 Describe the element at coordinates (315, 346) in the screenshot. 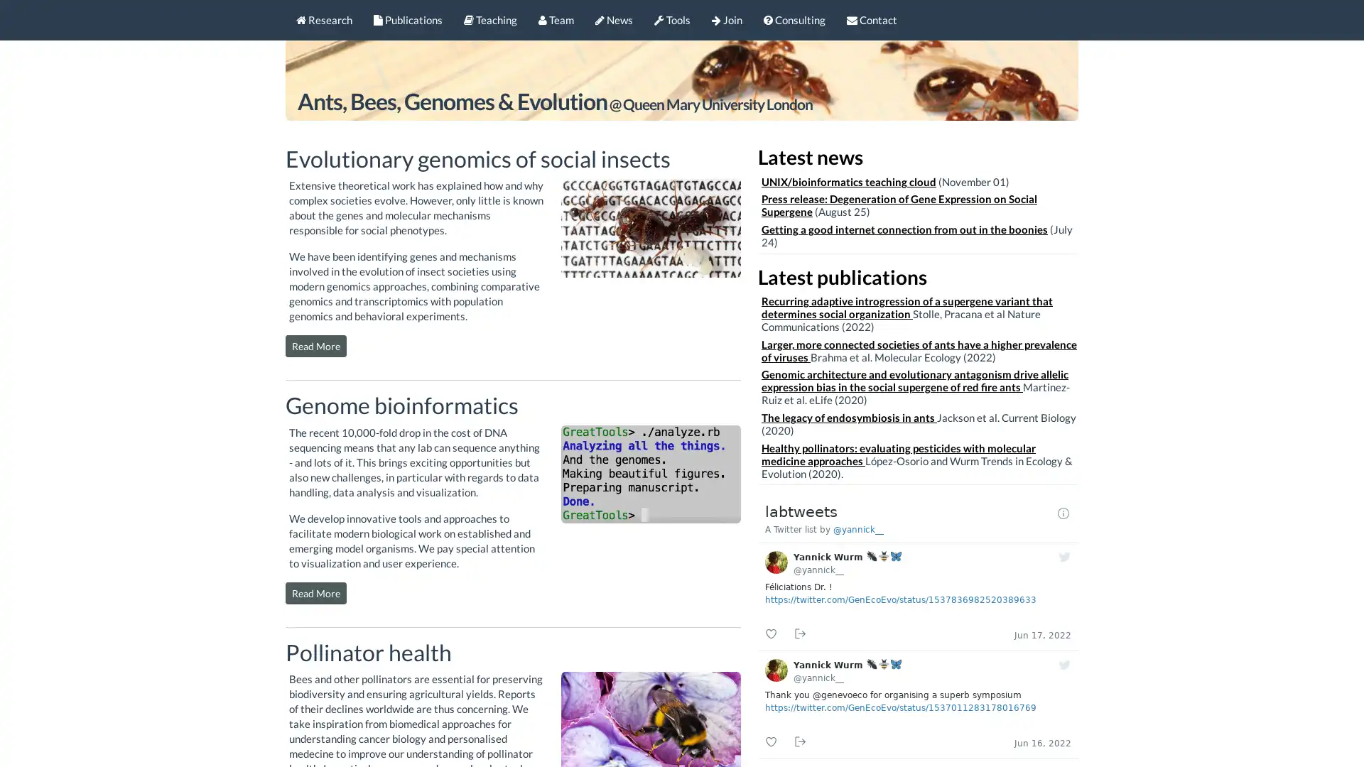

I see `Read More` at that location.